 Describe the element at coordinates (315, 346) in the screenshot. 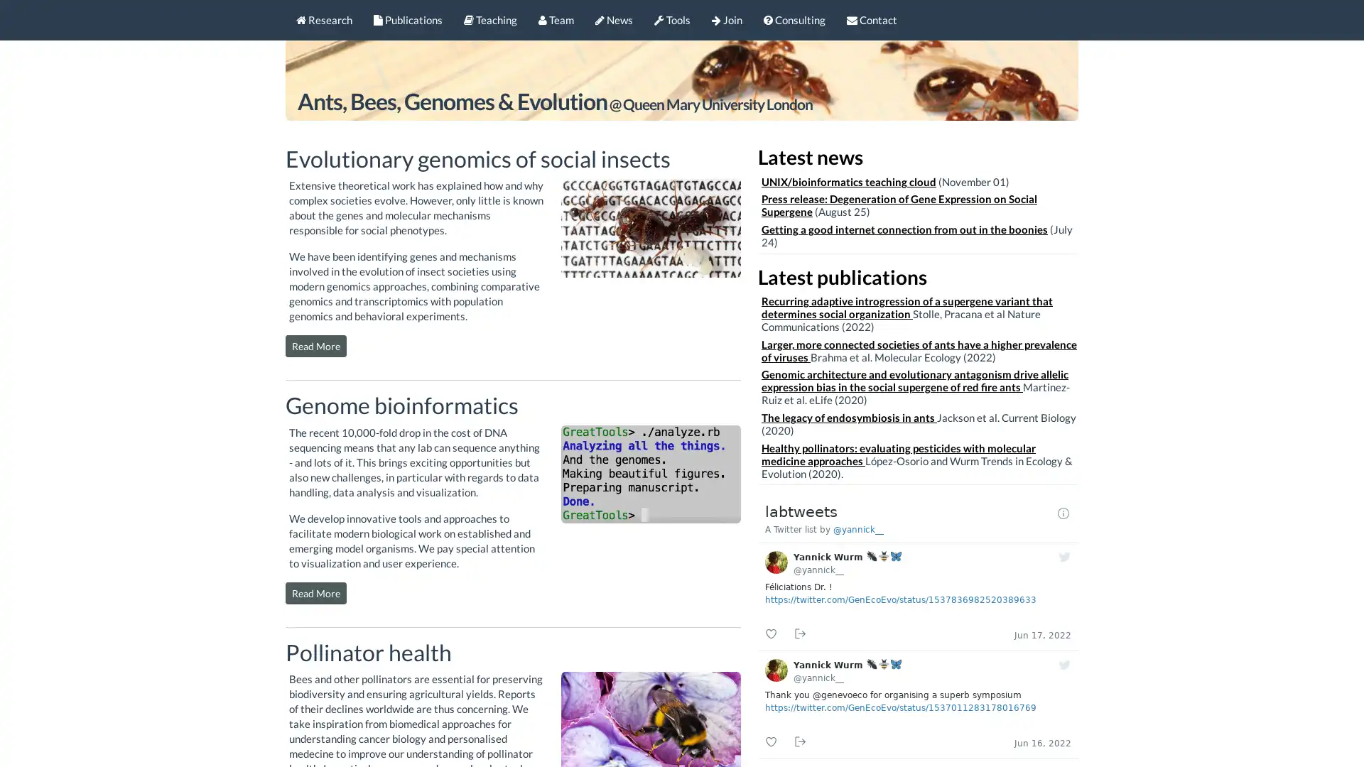

I see `Read More` at that location.